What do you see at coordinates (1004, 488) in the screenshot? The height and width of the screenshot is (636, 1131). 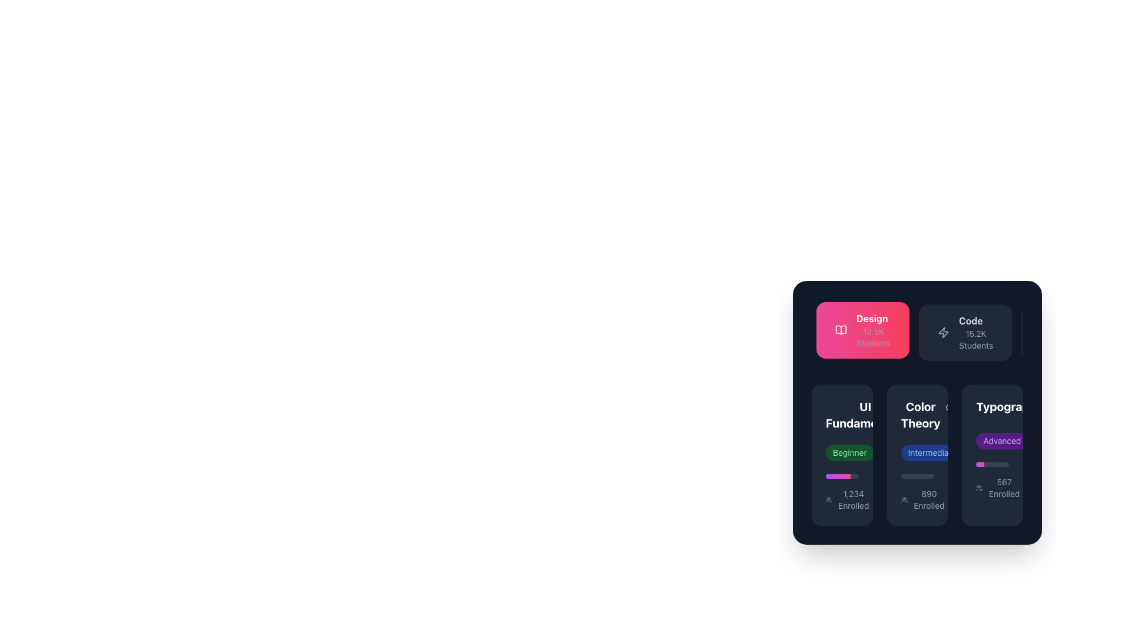 I see `the informational text label displaying the number of enrolled participants, located centrally at the bottom section of the 'Typography' card below the progress bar` at bounding box center [1004, 488].